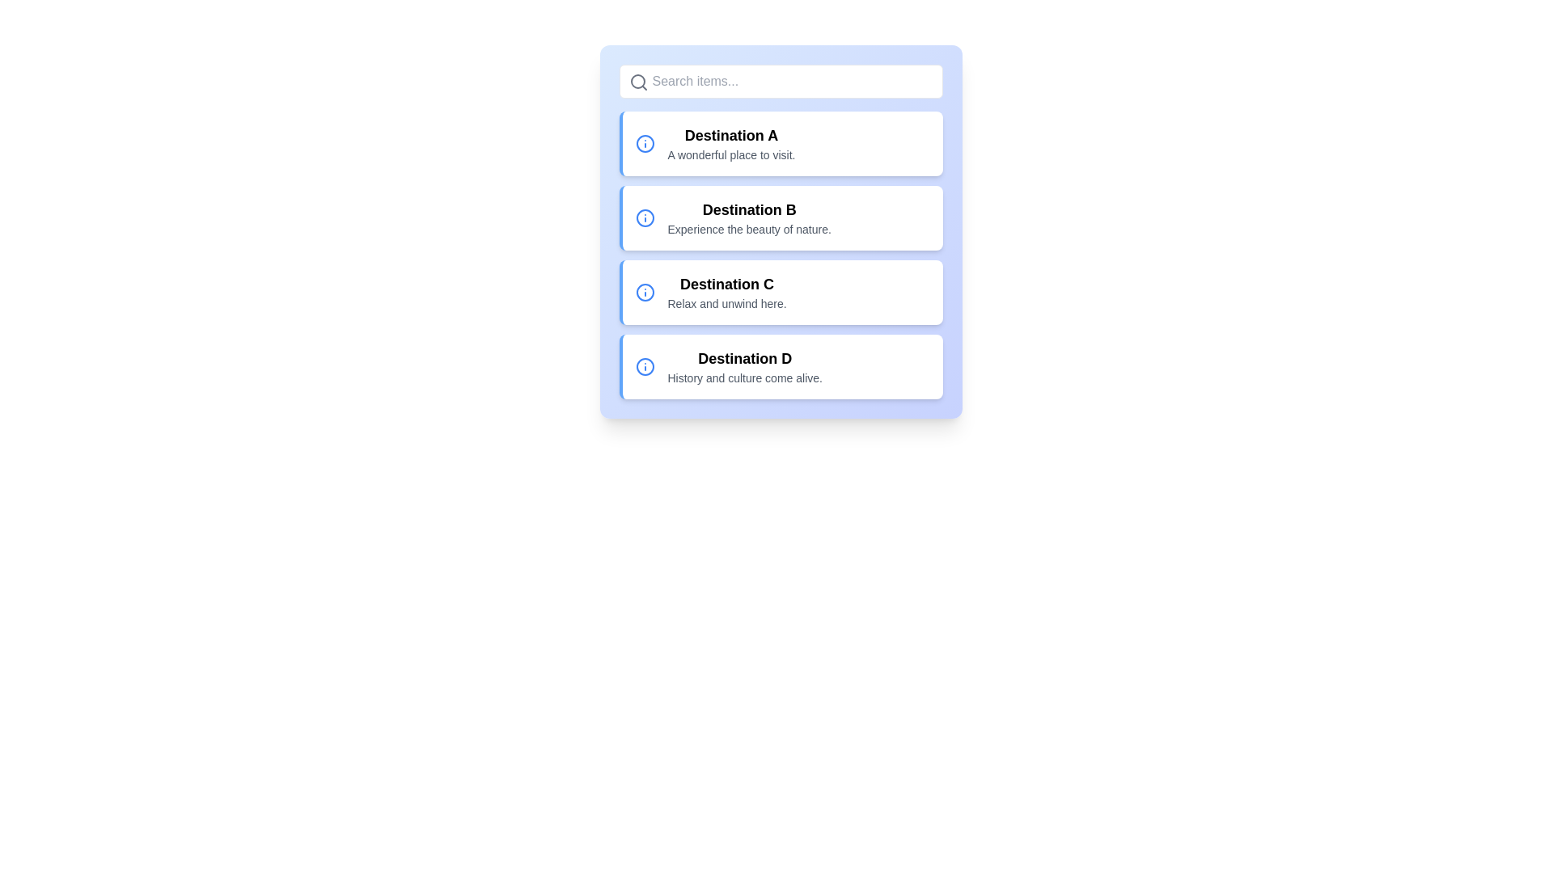  What do you see at coordinates (730, 155) in the screenshot?
I see `the text label providing additional context for 'Destination A' for copying` at bounding box center [730, 155].